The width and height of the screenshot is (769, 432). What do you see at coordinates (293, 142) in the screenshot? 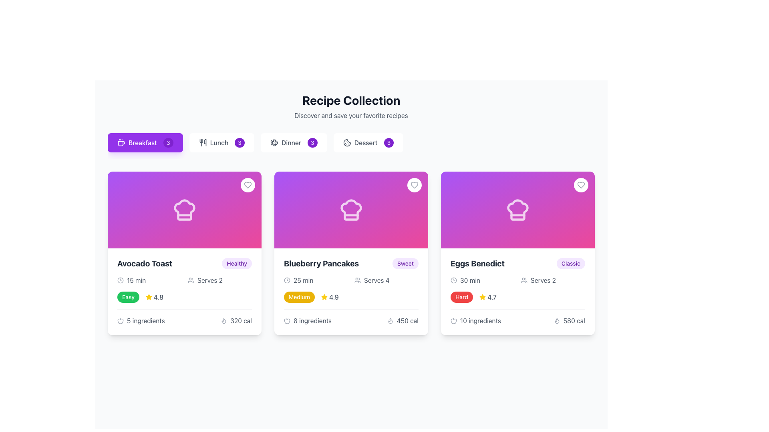
I see `the 'Dinner' filter button, which is the third button in the horizontal list of meal categories, to filter the displayed recipes` at bounding box center [293, 142].